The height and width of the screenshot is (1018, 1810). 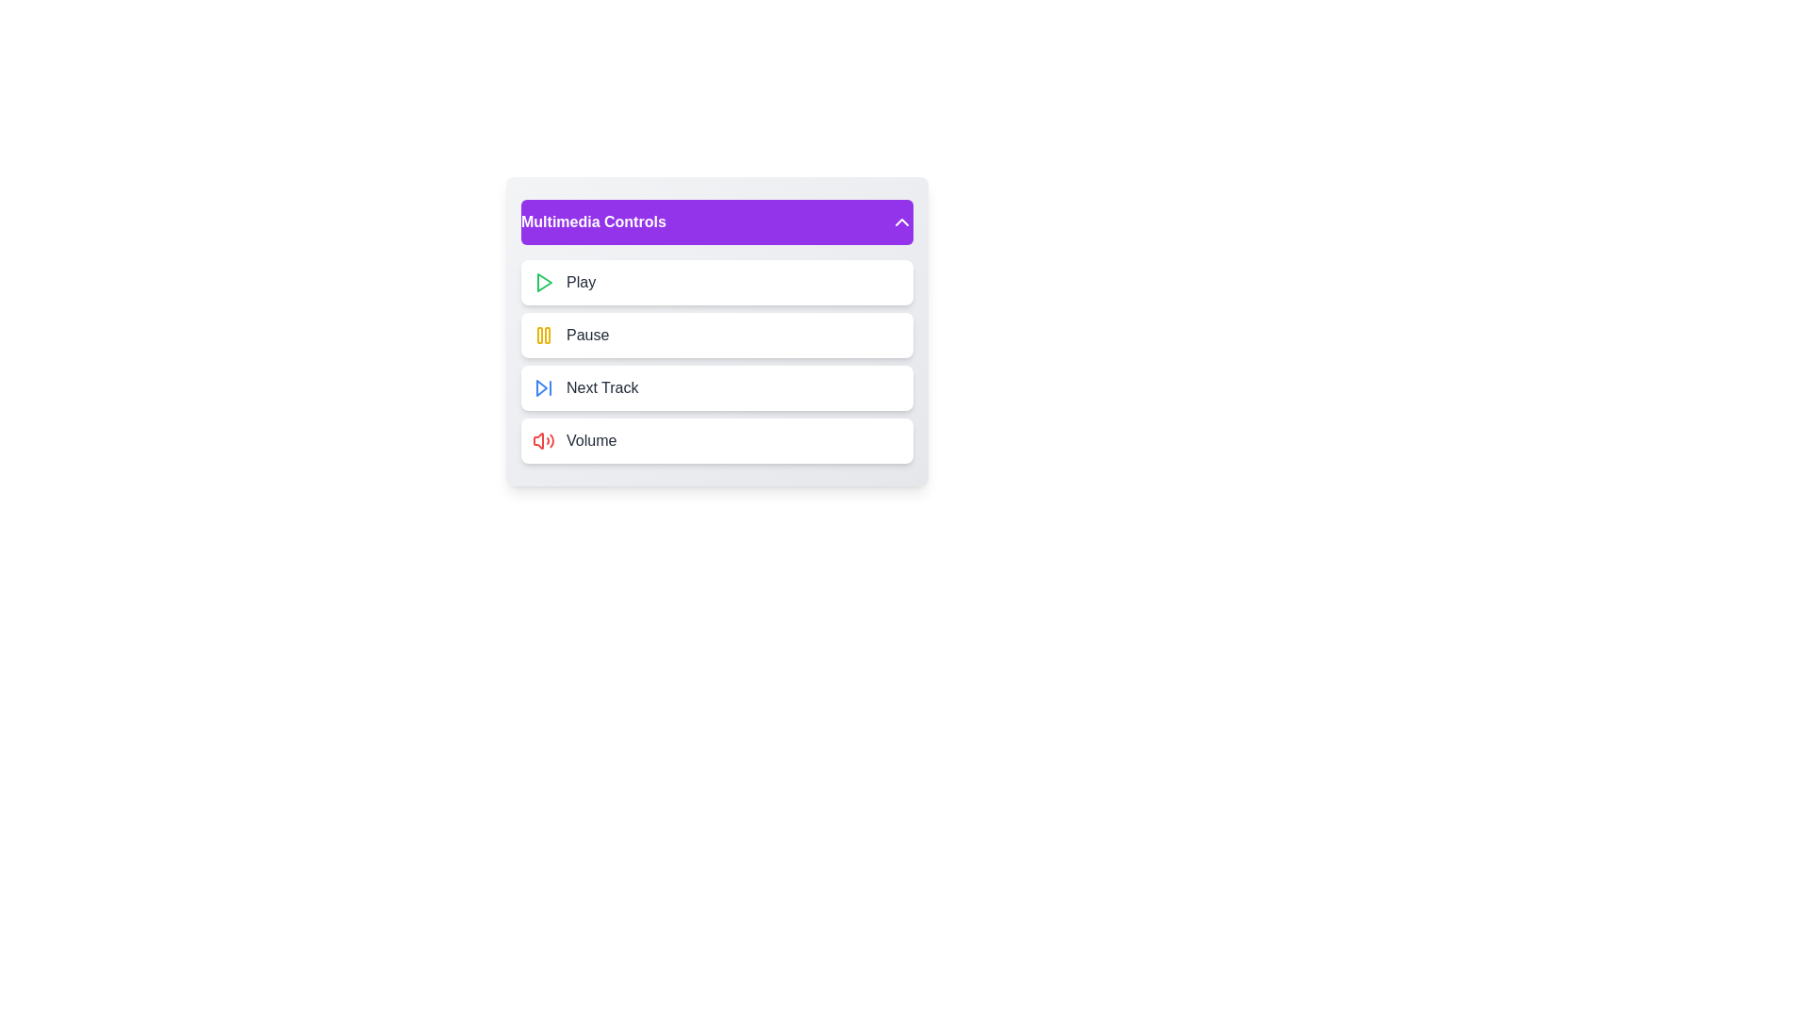 I want to click on the 'Pause' button, so click(x=716, y=334).